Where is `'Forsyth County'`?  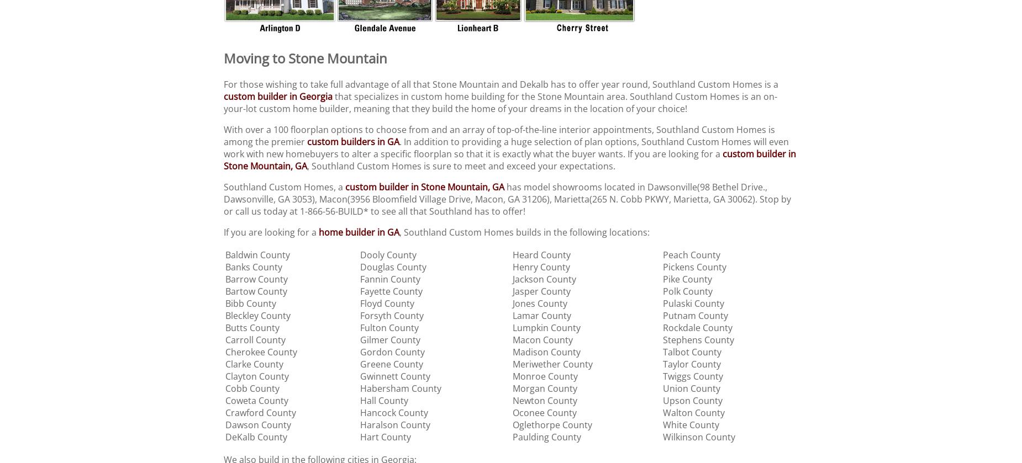 'Forsyth County' is located at coordinates (392, 315).